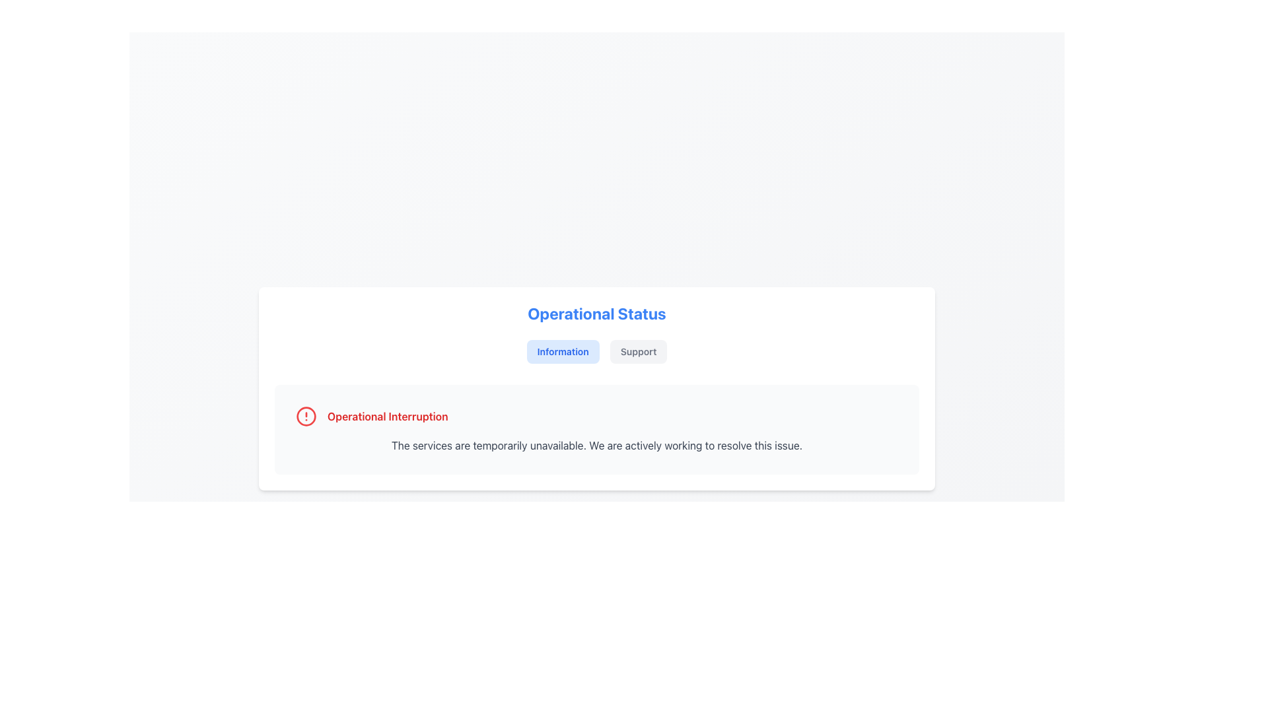 The height and width of the screenshot is (713, 1268). I want to click on the 'Support' button, which is a rectangular button with rounded corners, light gray background, and medium gray centered bold text, so click(638, 351).